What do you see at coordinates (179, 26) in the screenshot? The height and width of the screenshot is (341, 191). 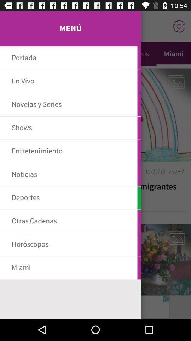 I see `the settings icon from the right top` at bounding box center [179, 26].